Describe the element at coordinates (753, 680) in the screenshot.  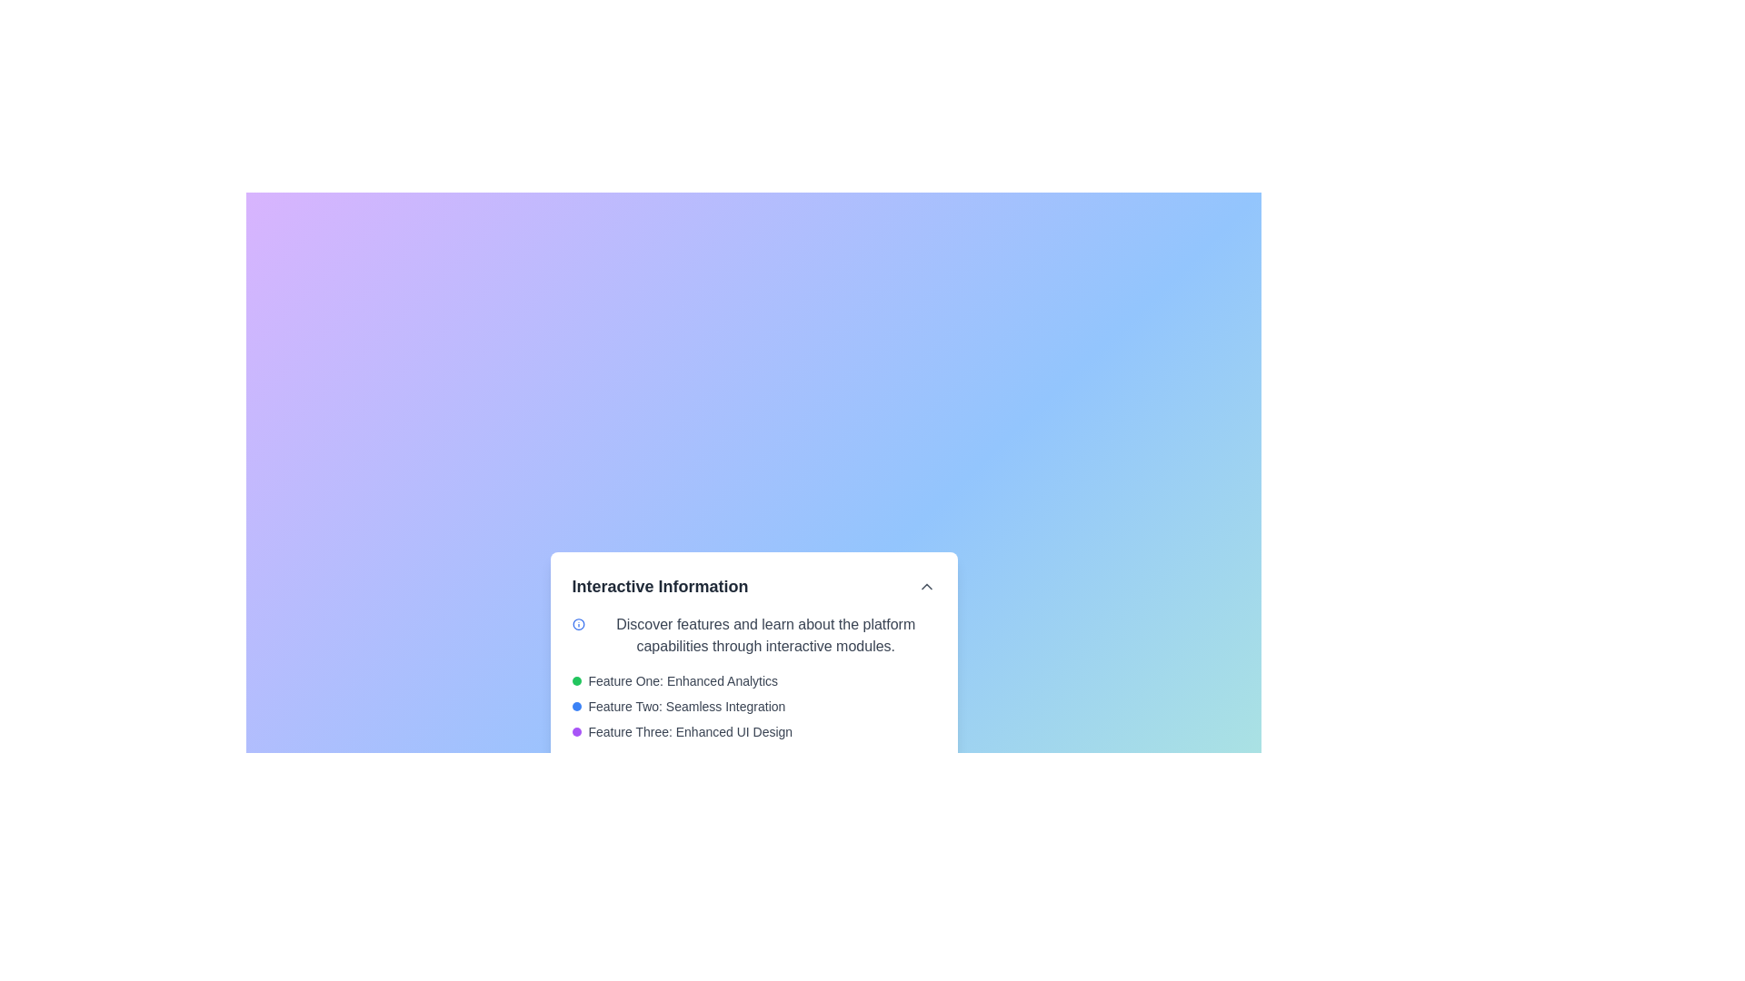
I see `the label for 'Enhanced Analytics', which is the first item in the vertical list of features located below the 'Interactive Information' title and description` at that location.